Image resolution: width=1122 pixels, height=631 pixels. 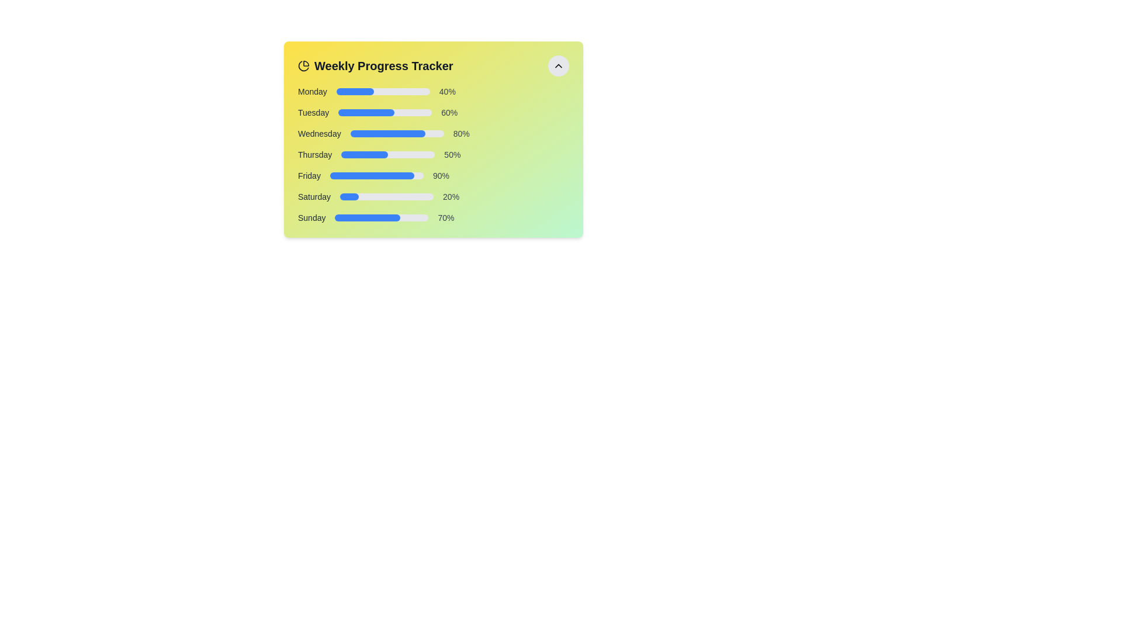 What do you see at coordinates (366, 112) in the screenshot?
I see `the filled portion of the progress bar representing 60% progress for Tuesday, which is visually displayed in a horizontal format` at bounding box center [366, 112].